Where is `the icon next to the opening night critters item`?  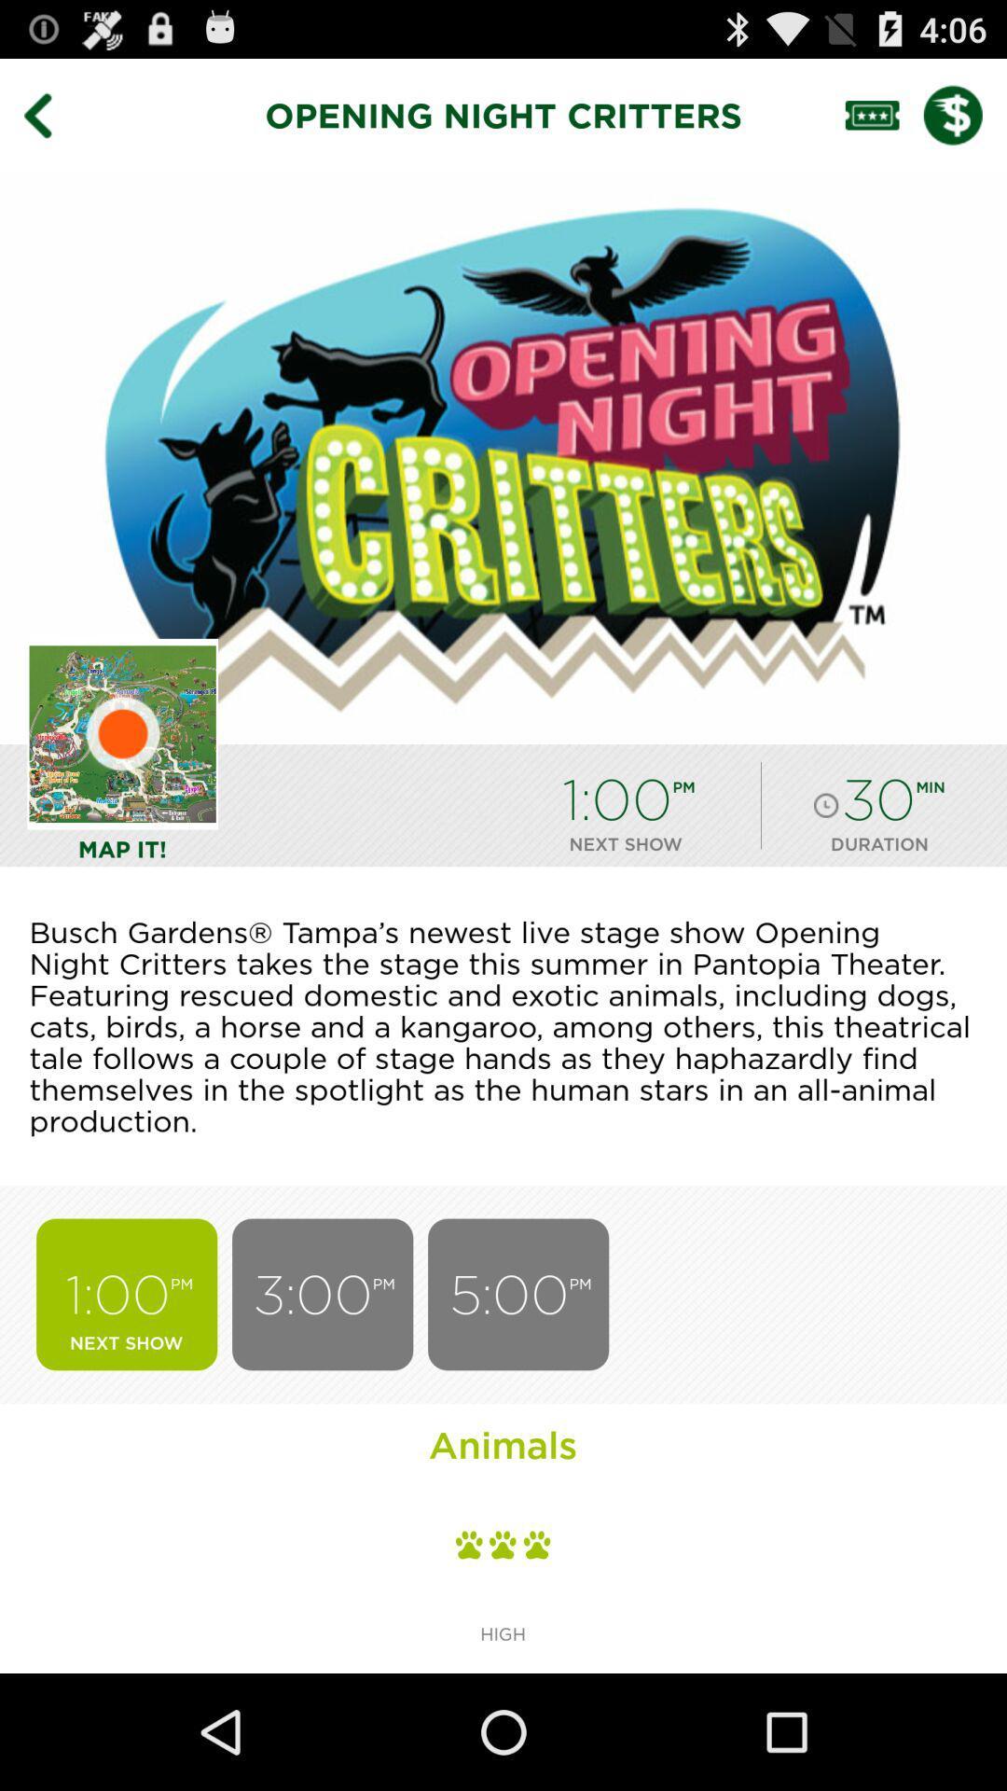
the icon next to the opening night critters item is located at coordinates (50, 114).